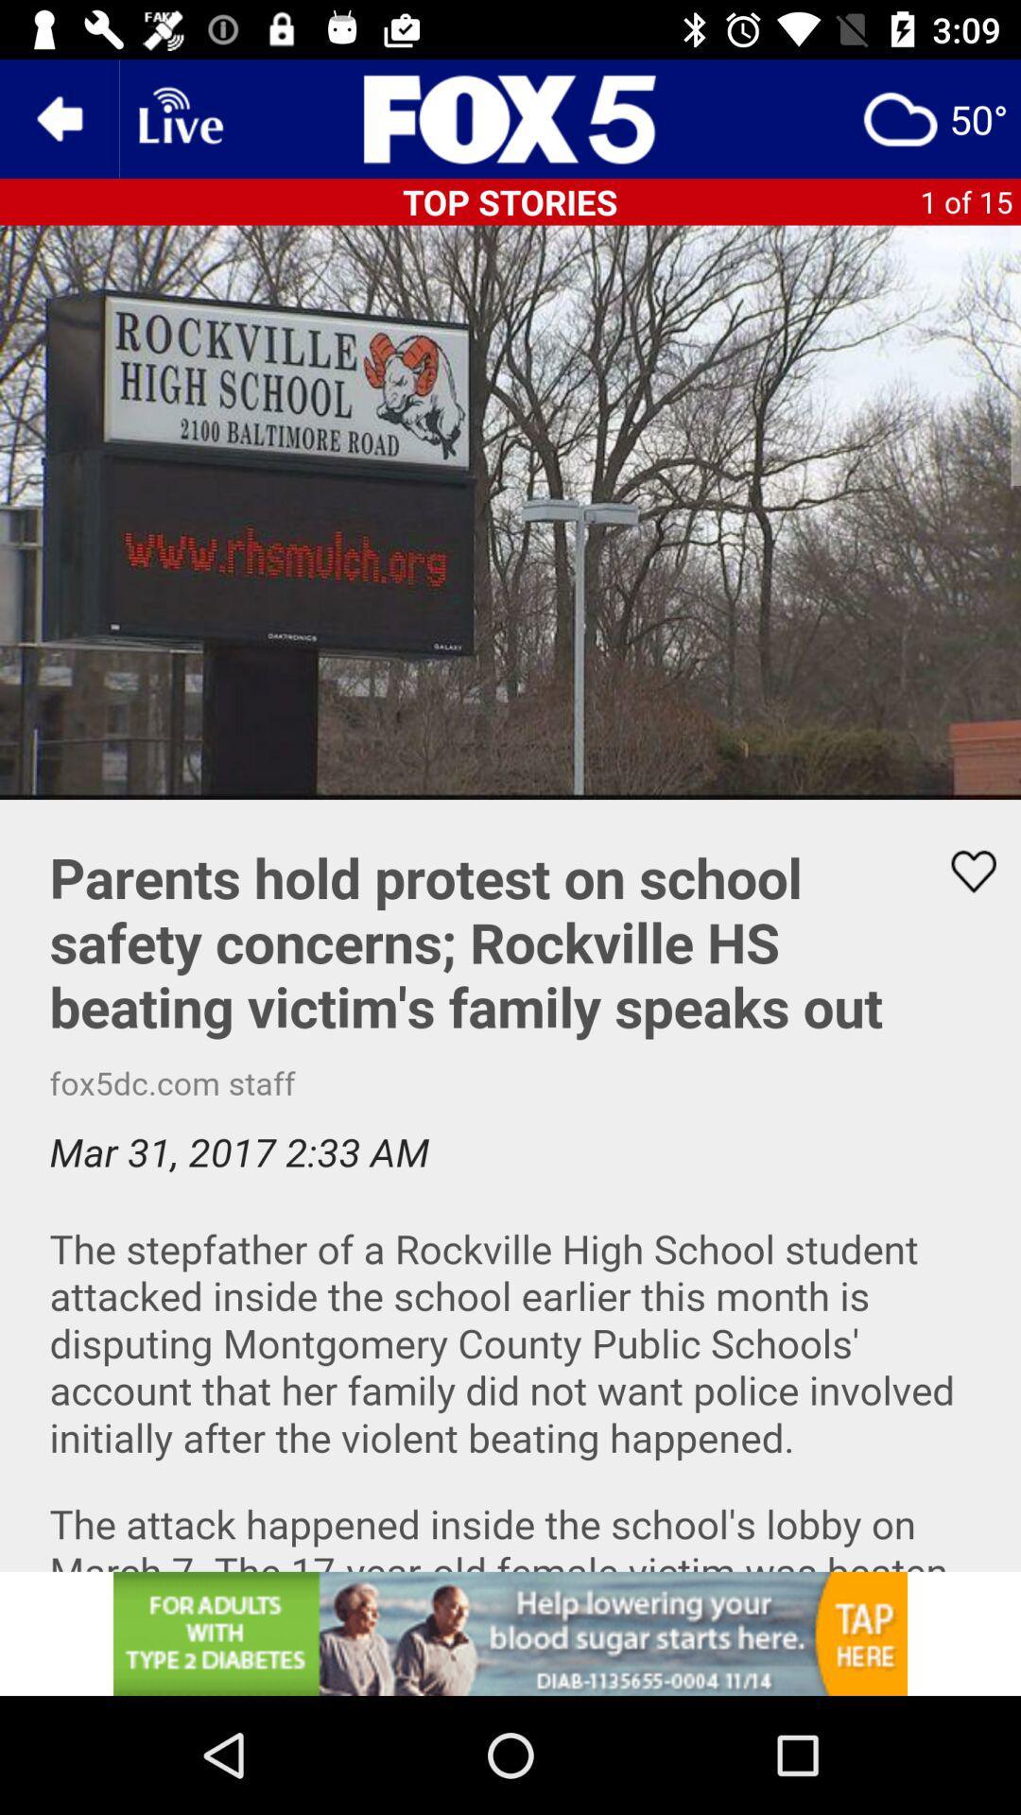 The image size is (1021, 1815). What do you see at coordinates (58, 117) in the screenshot?
I see `the arrow_backward icon` at bounding box center [58, 117].